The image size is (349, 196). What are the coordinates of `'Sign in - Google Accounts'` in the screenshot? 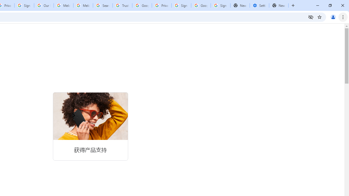 It's located at (181, 5).